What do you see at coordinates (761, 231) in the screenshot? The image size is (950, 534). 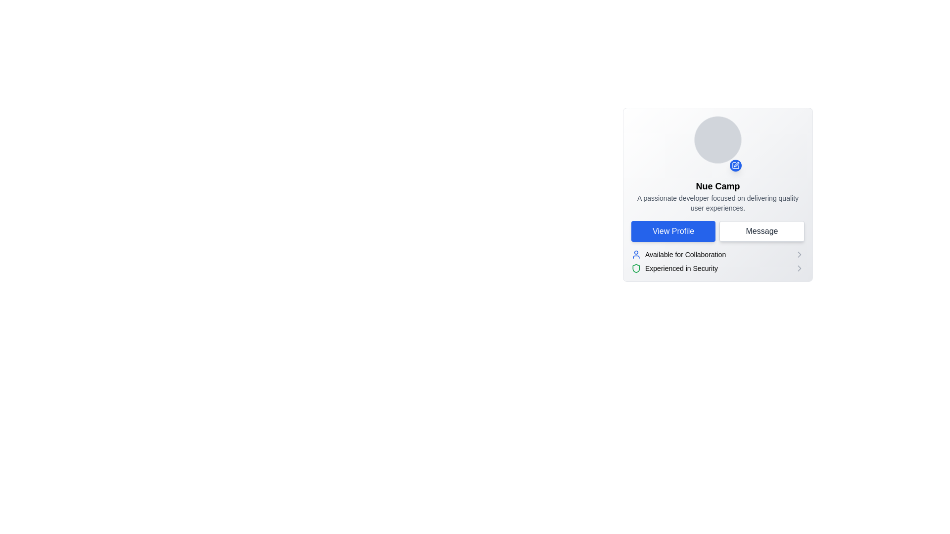 I see `the 'Message' button, which is a rectangular button with a white background, bold black text, and a light gray border, located below the profile information section and to the right of the 'View Profile' button` at bounding box center [761, 231].